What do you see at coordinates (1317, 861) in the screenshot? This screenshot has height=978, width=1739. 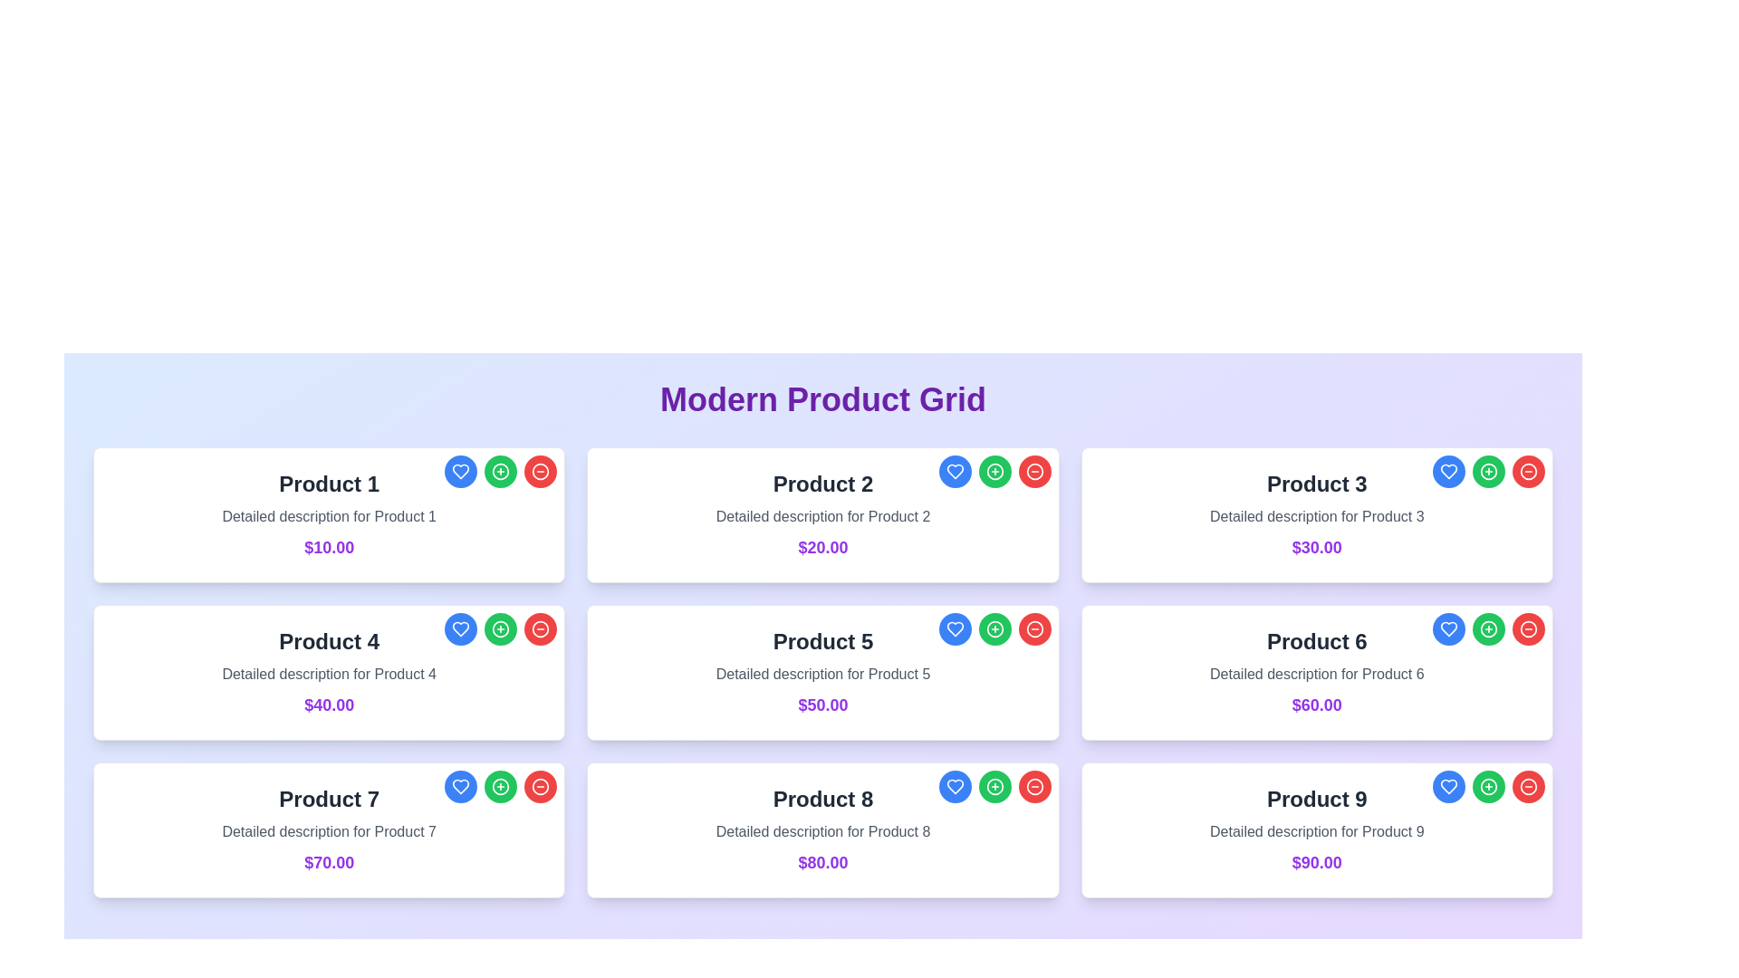 I see `the price label displaying '$90.00' in bold purple color at the bottom of the 'Product 9' card` at bounding box center [1317, 861].